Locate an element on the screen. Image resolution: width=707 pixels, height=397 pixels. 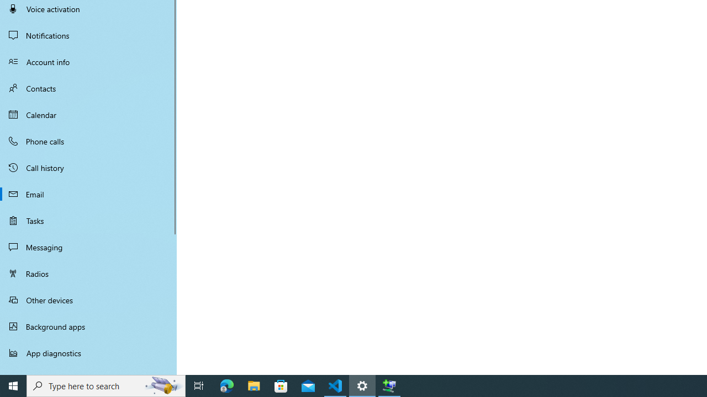
'Tasks' is located at coordinates (88, 220).